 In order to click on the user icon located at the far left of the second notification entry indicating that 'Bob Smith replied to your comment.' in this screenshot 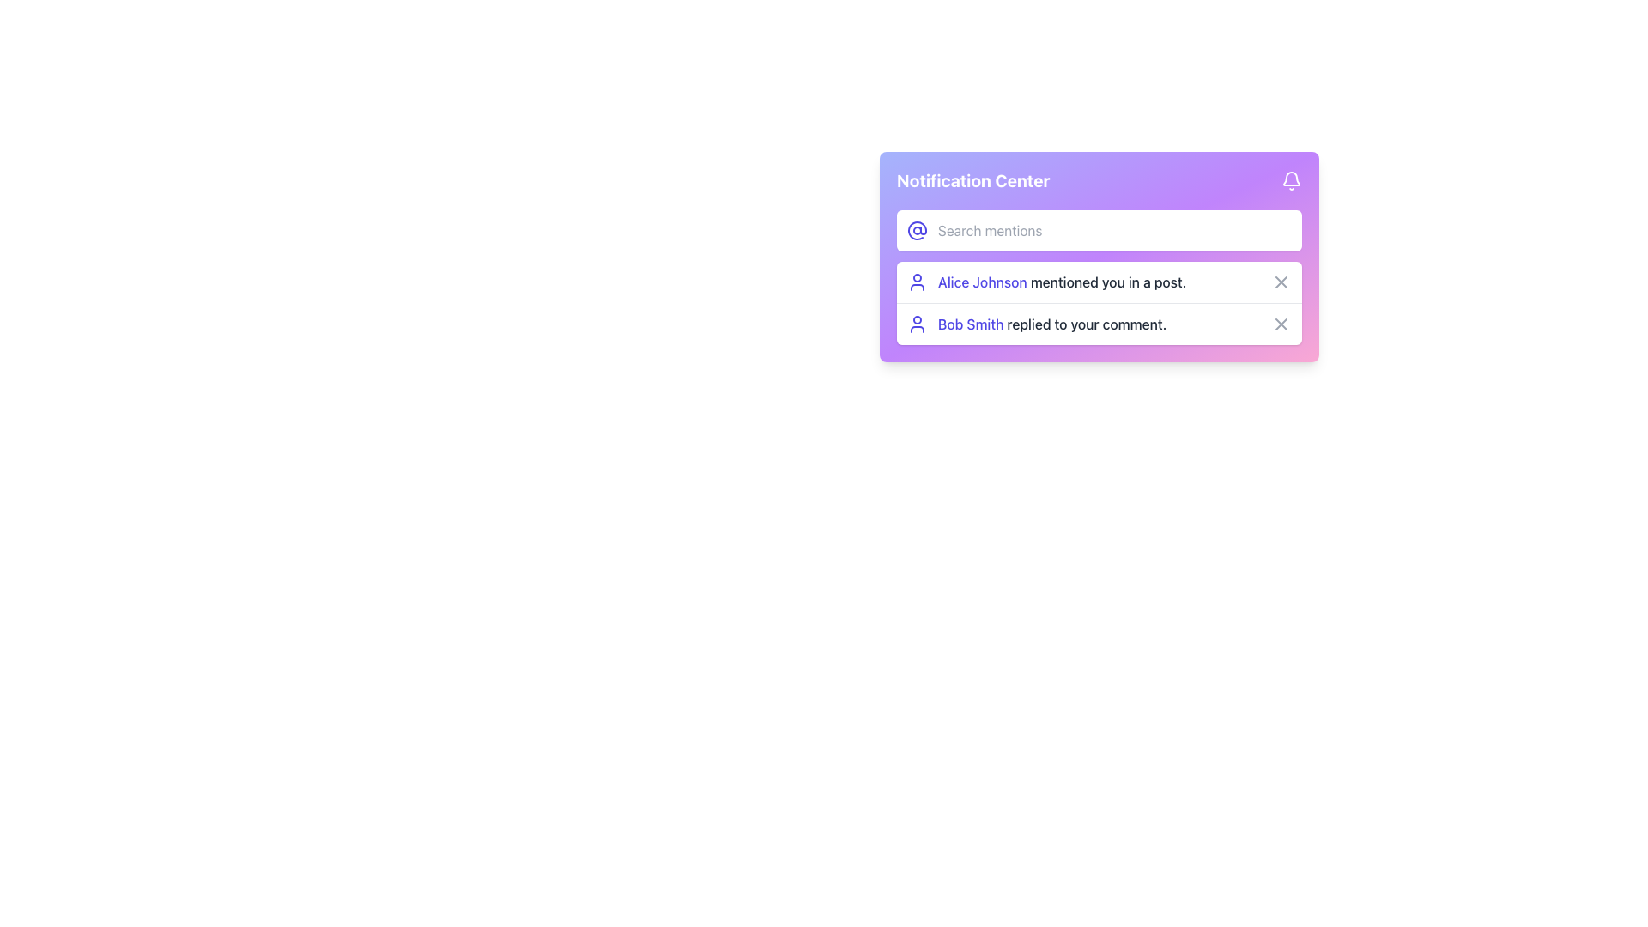, I will do `click(917, 324)`.